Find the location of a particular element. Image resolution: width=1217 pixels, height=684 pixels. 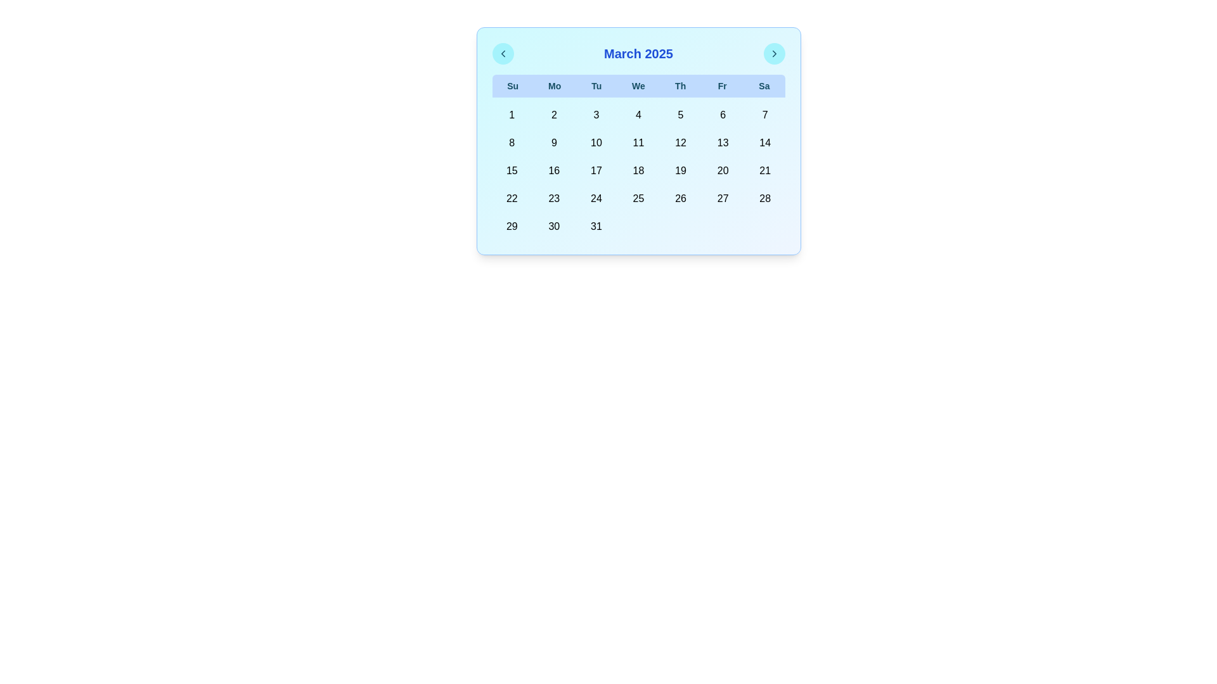

the calendar cell button displaying the number '26', which is located in the fourth row and fifth column of the calendar grid is located at coordinates (680, 198).